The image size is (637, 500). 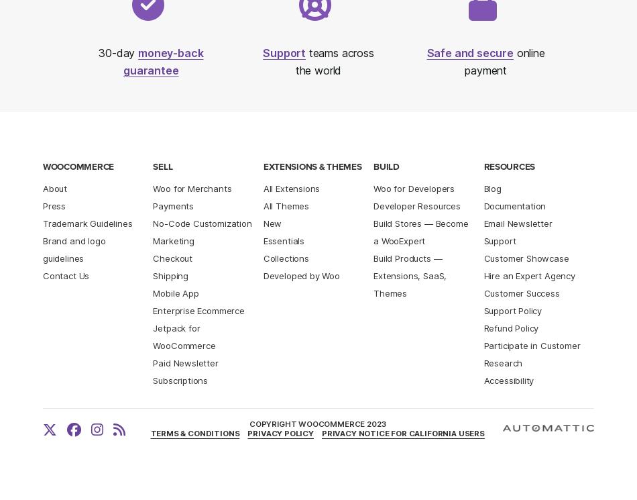 I want to click on 'online payment', so click(x=465, y=61).